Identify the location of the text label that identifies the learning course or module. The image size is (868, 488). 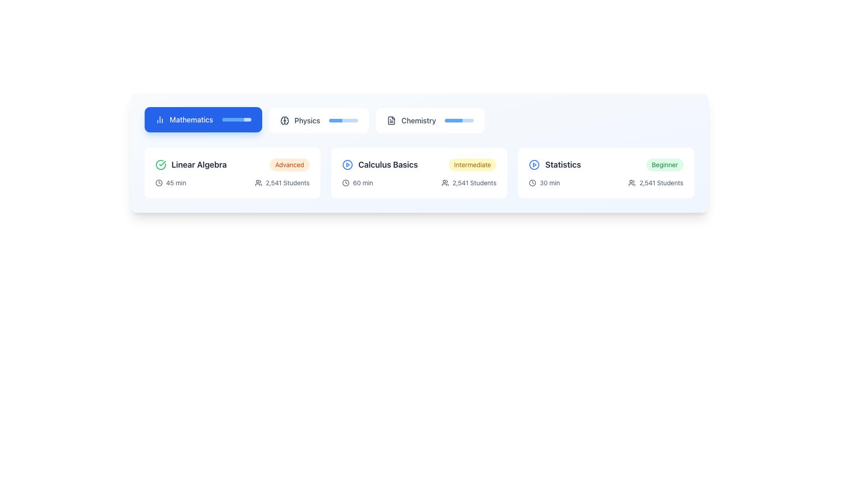
(388, 165).